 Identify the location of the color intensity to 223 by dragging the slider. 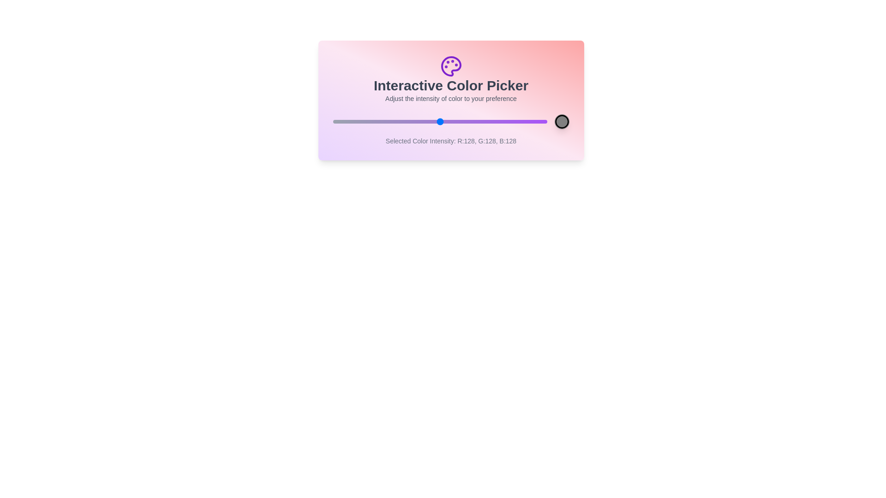
(519, 121).